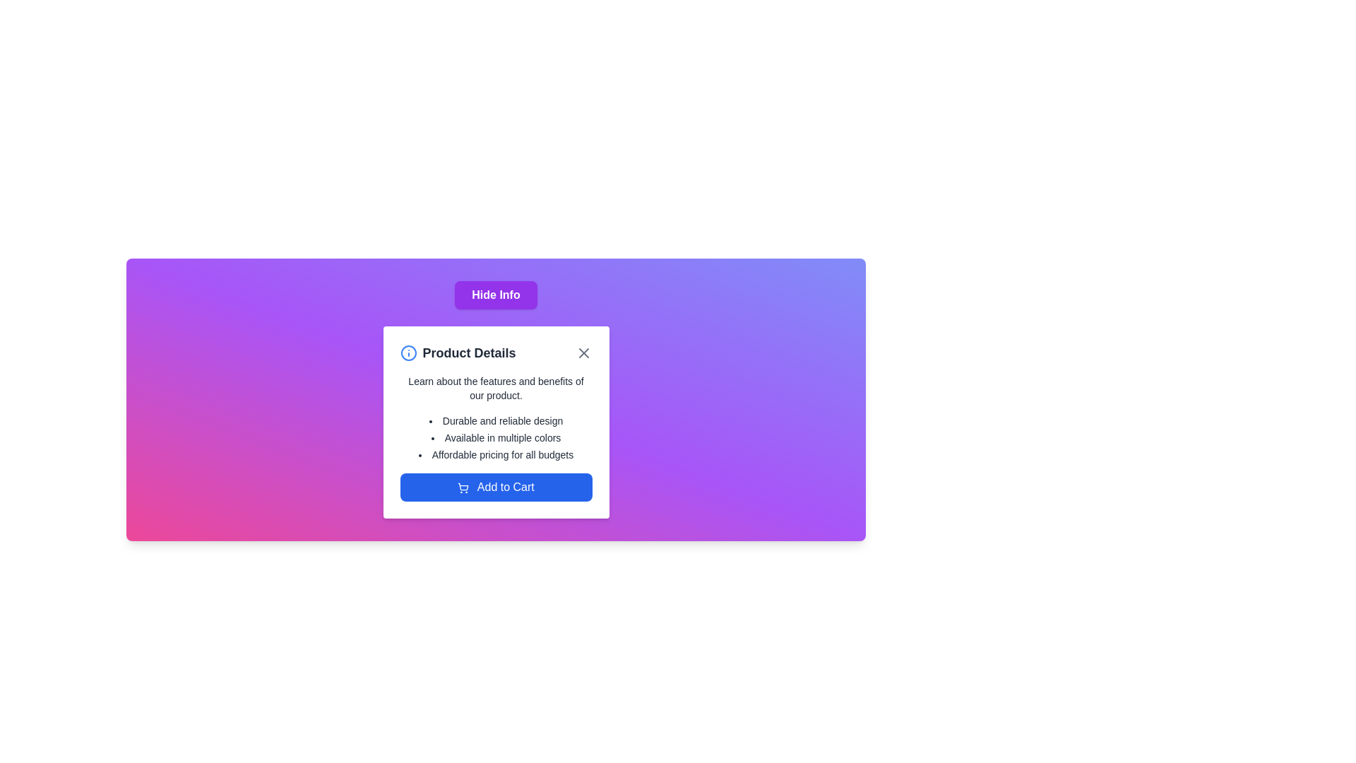  Describe the element at coordinates (496, 294) in the screenshot. I see `the 'Hide Info' button with a gradient purple background` at that location.